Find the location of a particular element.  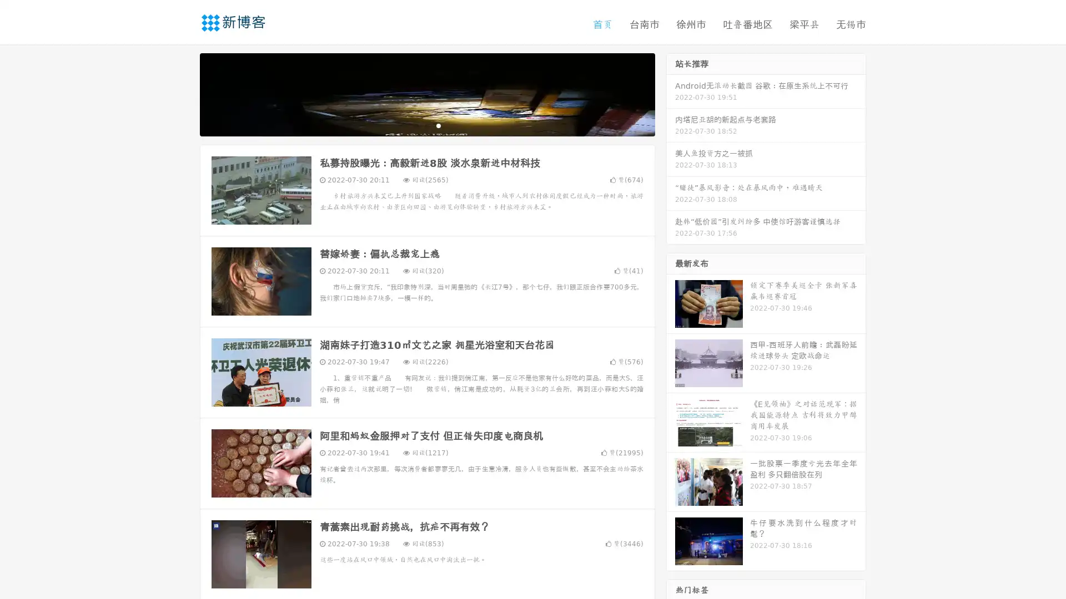

Go to slide 2 is located at coordinates (426, 125).